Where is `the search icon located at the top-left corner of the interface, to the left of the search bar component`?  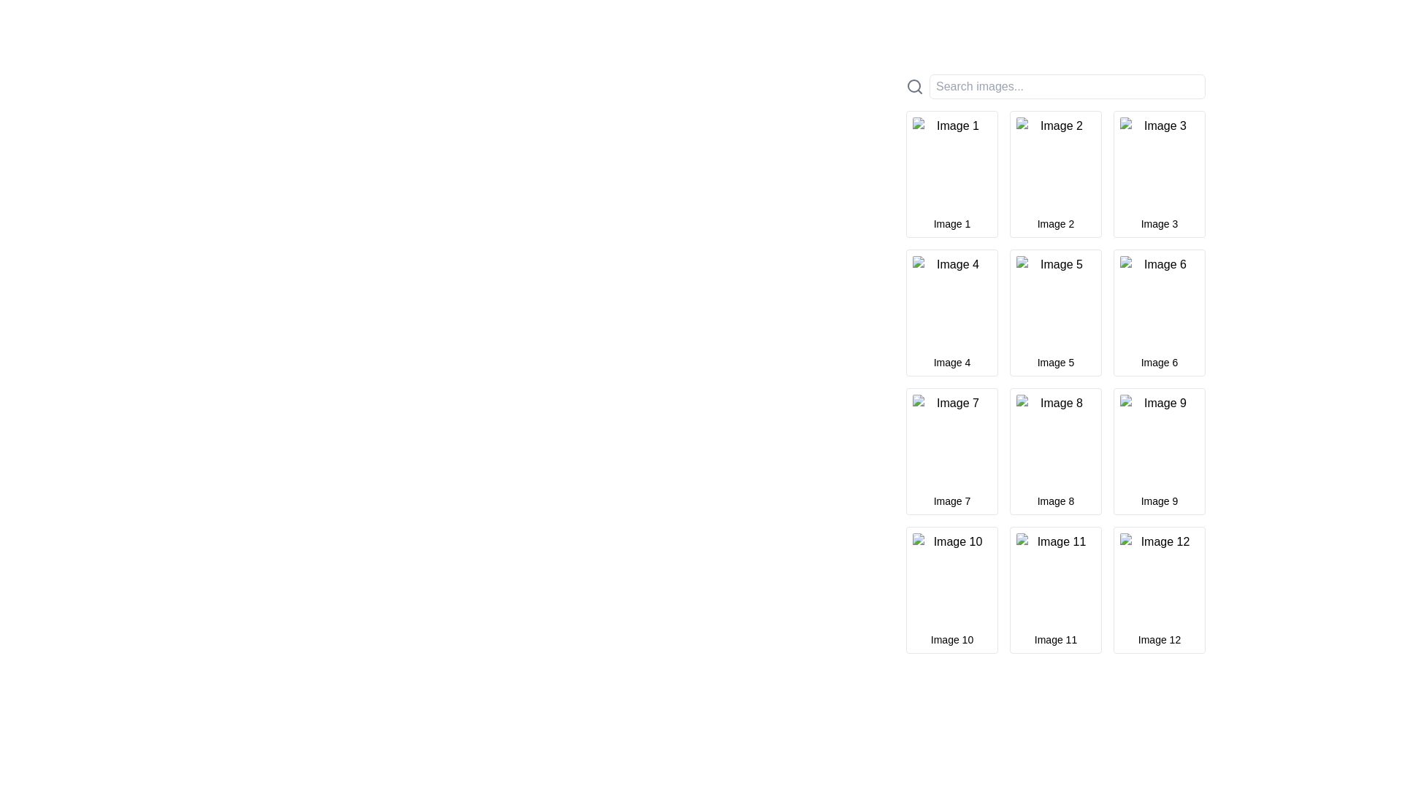 the search icon located at the top-left corner of the interface, to the left of the search bar component is located at coordinates (913, 87).